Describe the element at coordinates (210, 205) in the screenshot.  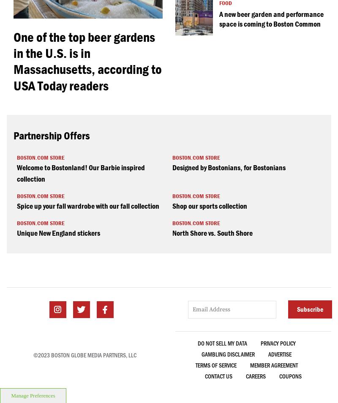
I see `'Shop our sports collection'` at that location.